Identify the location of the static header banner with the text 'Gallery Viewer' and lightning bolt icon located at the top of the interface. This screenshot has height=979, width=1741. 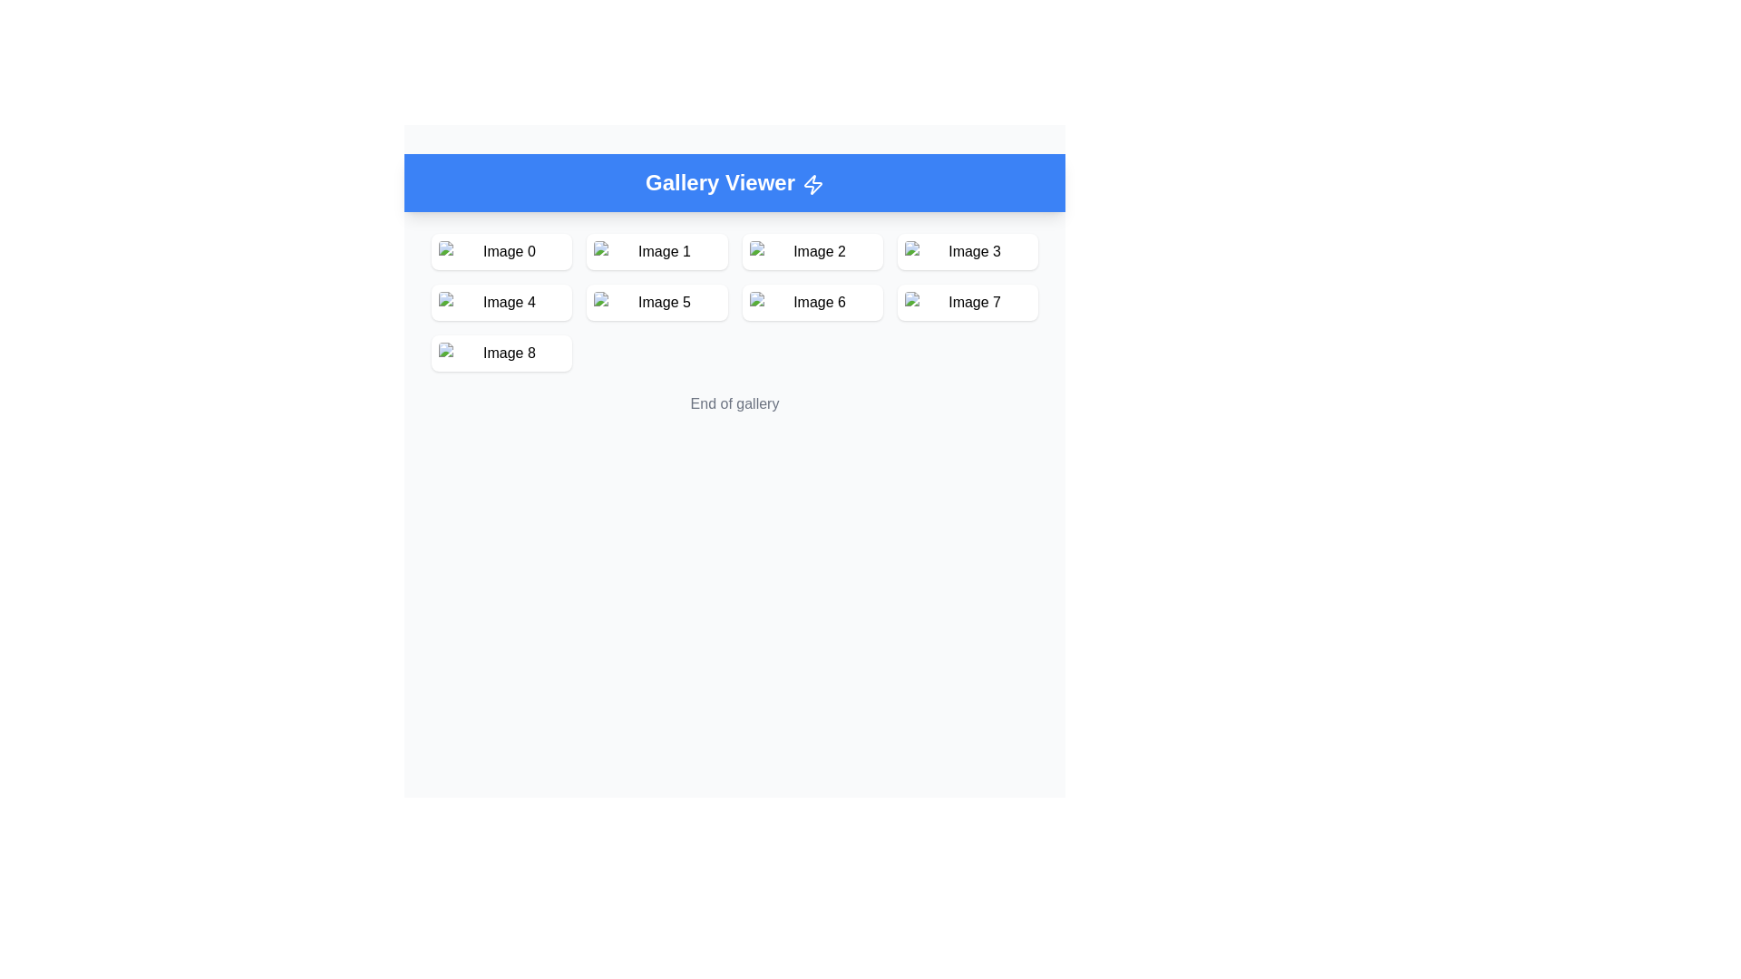
(734, 182).